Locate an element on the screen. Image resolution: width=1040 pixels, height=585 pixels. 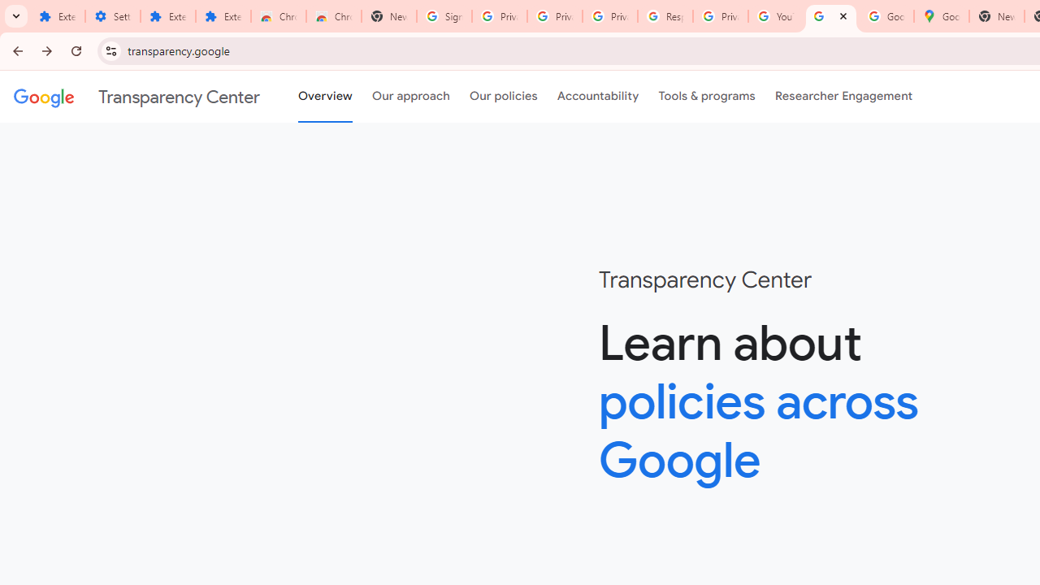
'Extensions' is located at coordinates (222, 16).